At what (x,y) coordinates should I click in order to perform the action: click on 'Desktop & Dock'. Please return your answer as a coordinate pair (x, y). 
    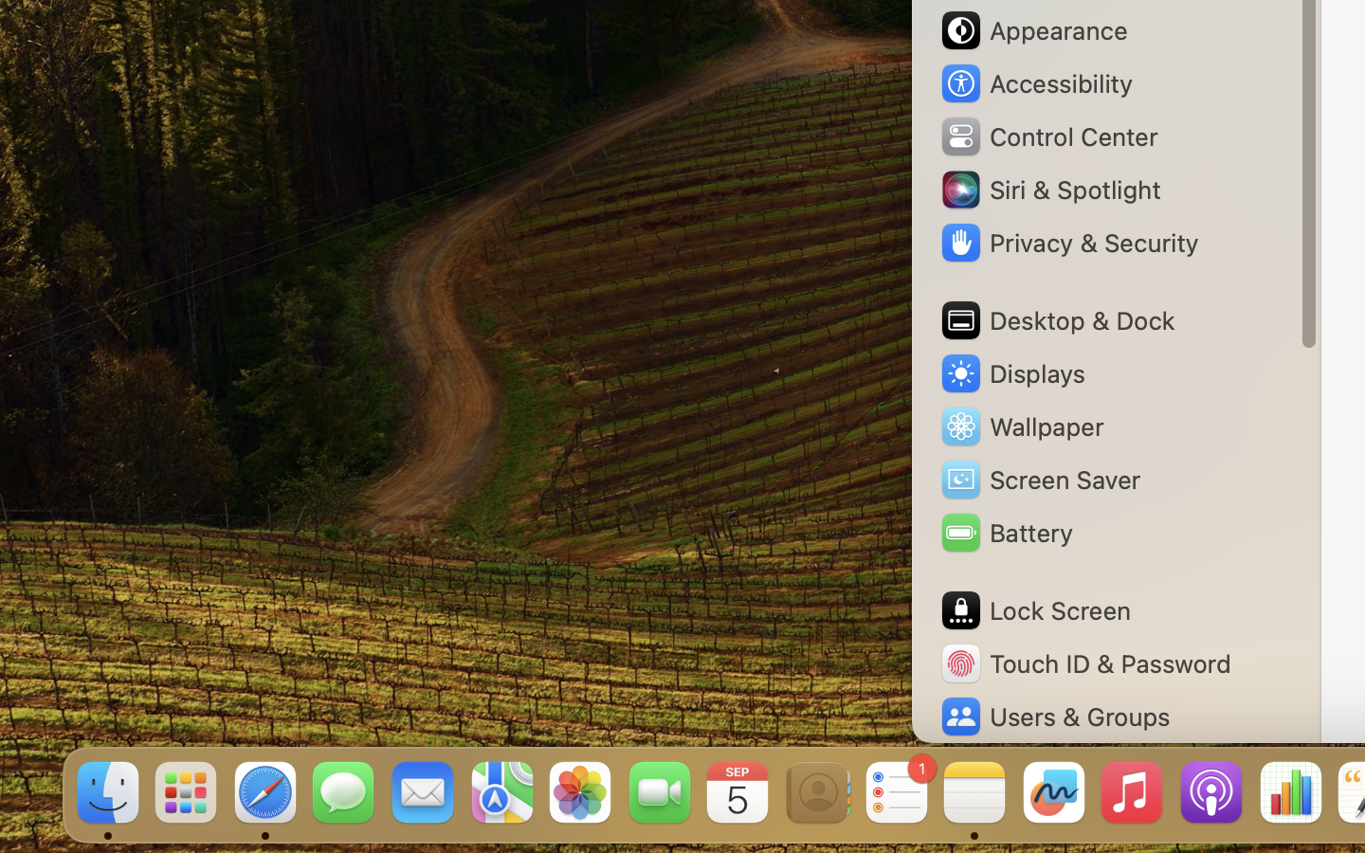
    Looking at the image, I should click on (1055, 320).